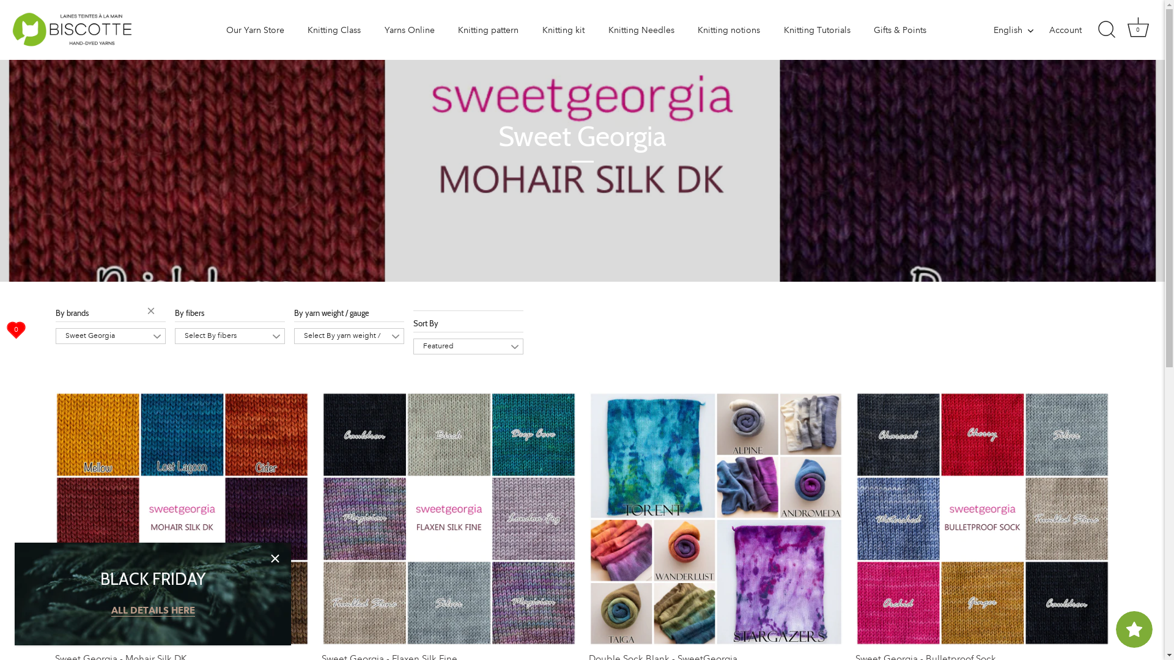 This screenshot has width=1174, height=660. What do you see at coordinates (563, 29) in the screenshot?
I see `'Knitting kit'` at bounding box center [563, 29].